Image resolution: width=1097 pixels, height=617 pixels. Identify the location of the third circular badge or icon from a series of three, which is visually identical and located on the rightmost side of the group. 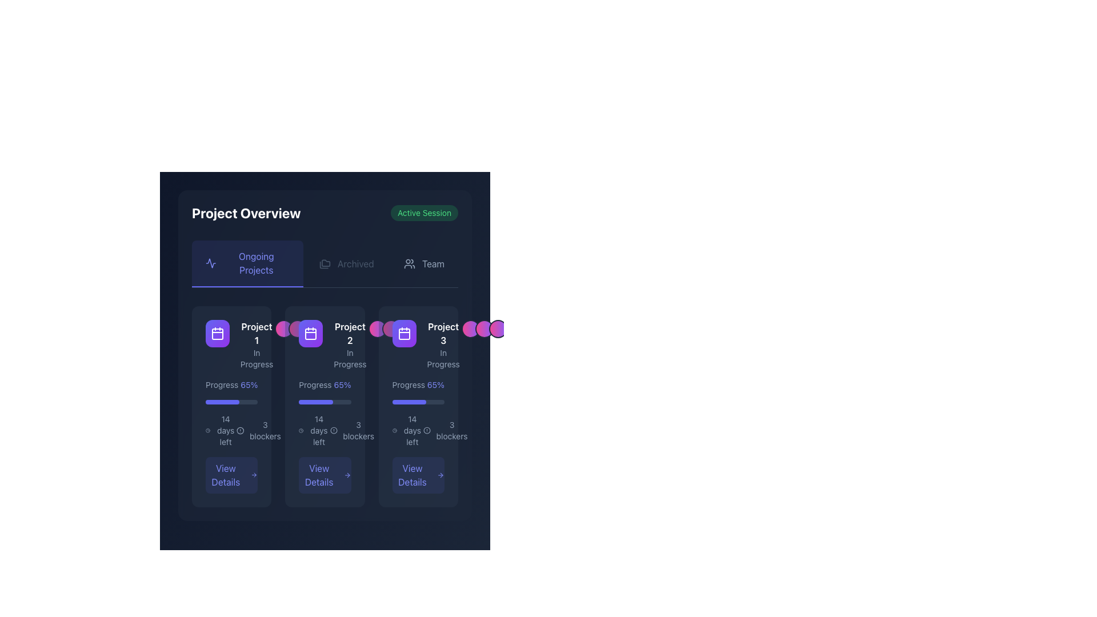
(405, 328).